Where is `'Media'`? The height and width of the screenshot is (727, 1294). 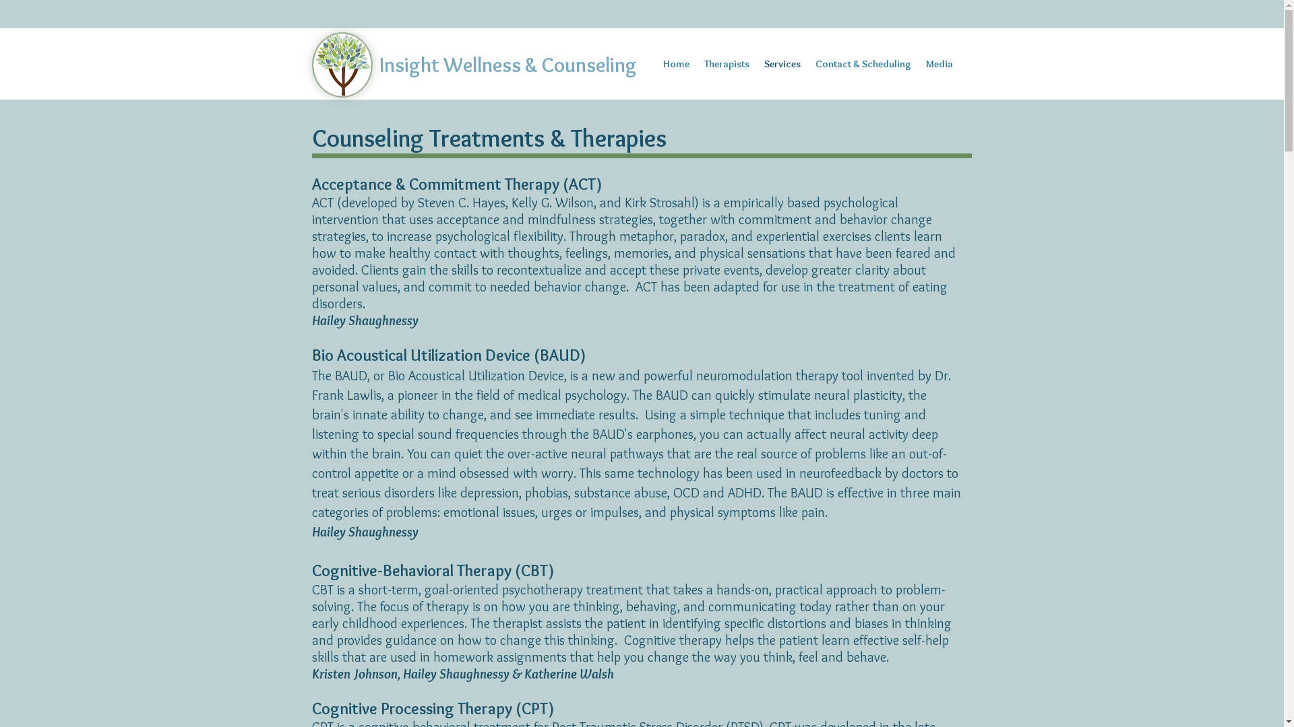
'Media' is located at coordinates (937, 64).